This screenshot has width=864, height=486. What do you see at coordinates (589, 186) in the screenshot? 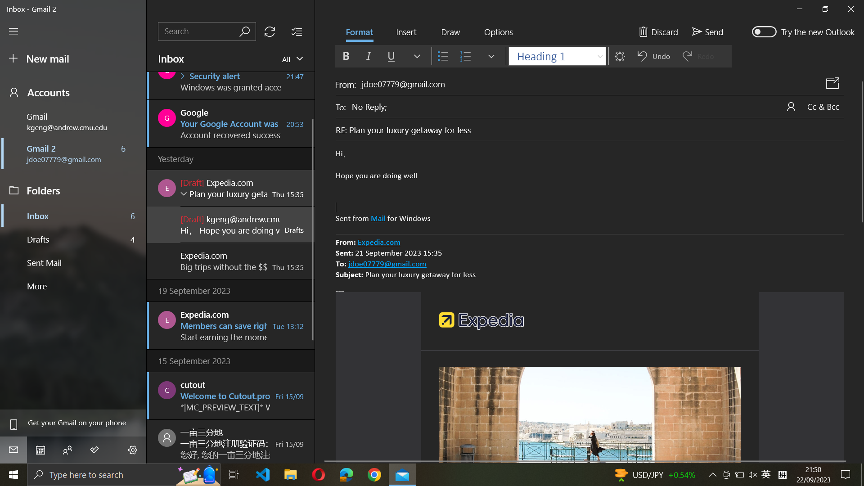
I see `Underline the contents in mail body` at bounding box center [589, 186].